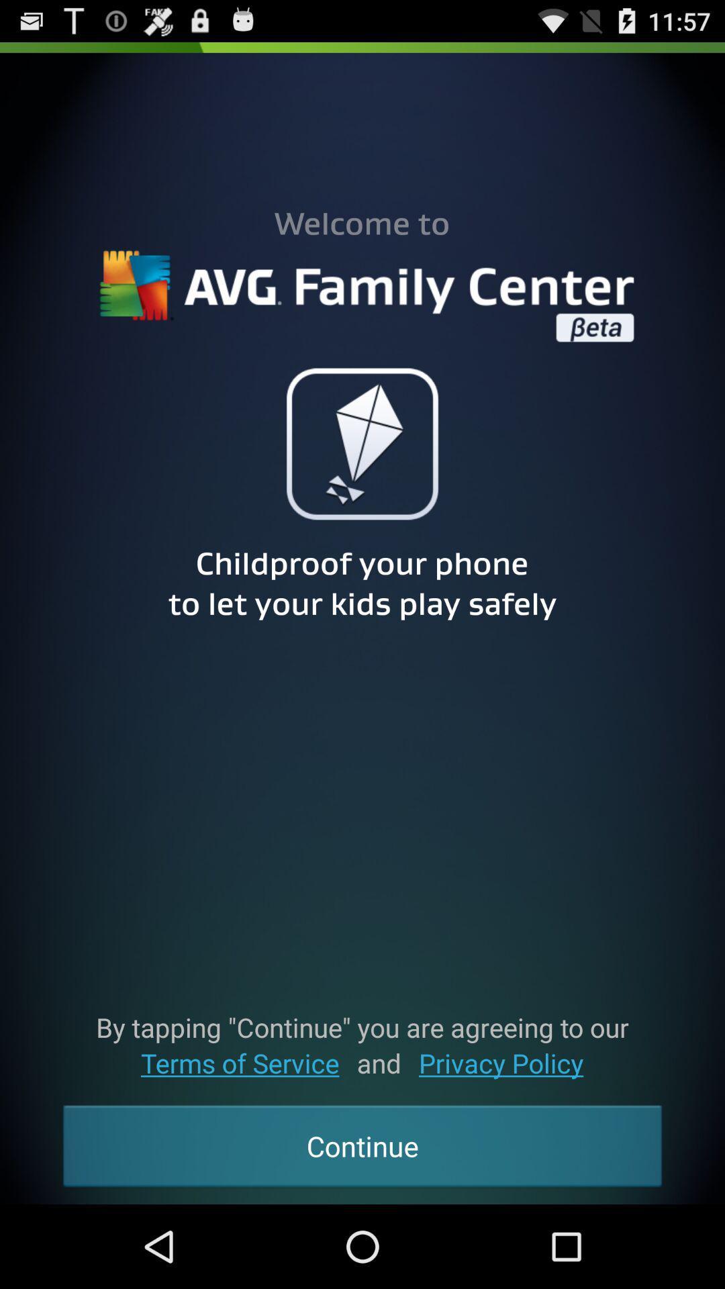 Image resolution: width=725 pixels, height=1289 pixels. Describe the element at coordinates (239, 1062) in the screenshot. I see `item to the left of the and icon` at that location.